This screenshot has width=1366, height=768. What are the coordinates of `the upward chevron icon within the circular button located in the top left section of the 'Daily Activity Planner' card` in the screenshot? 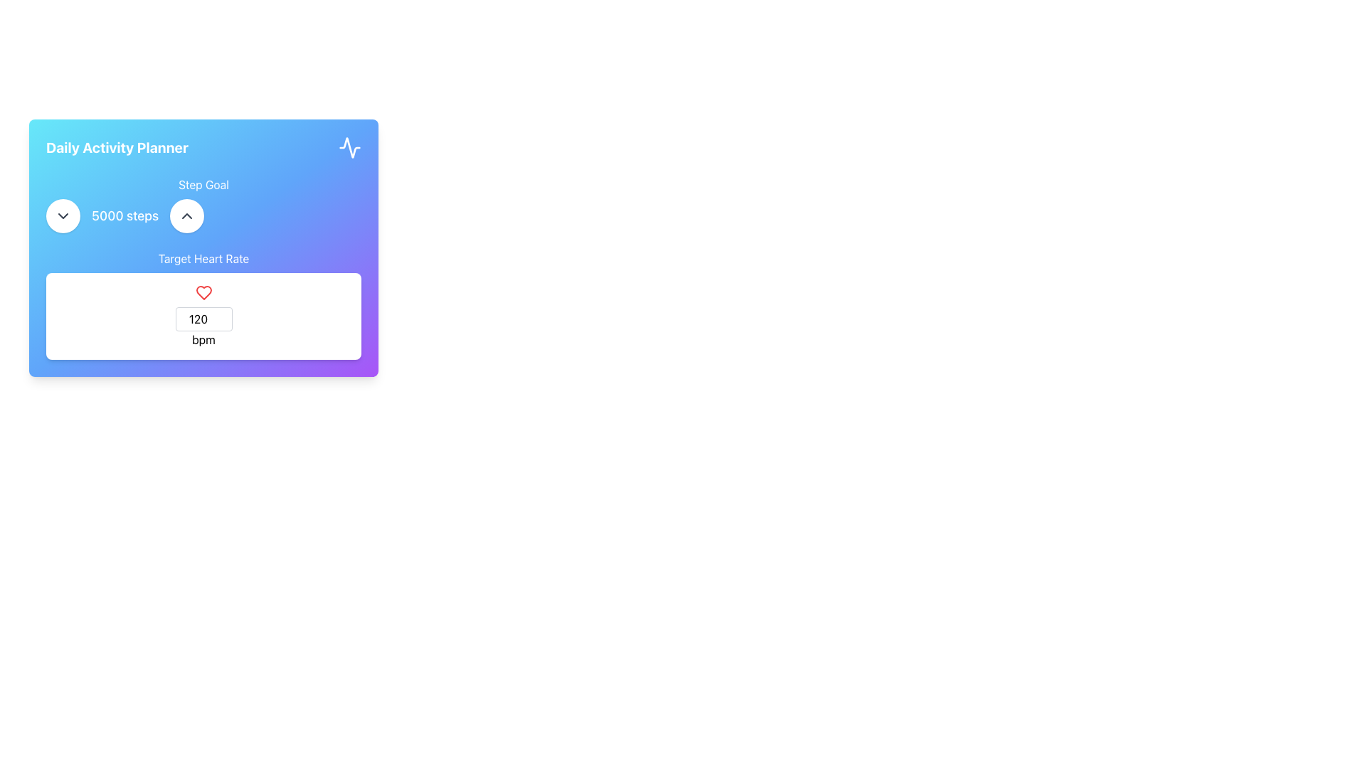 It's located at (186, 216).